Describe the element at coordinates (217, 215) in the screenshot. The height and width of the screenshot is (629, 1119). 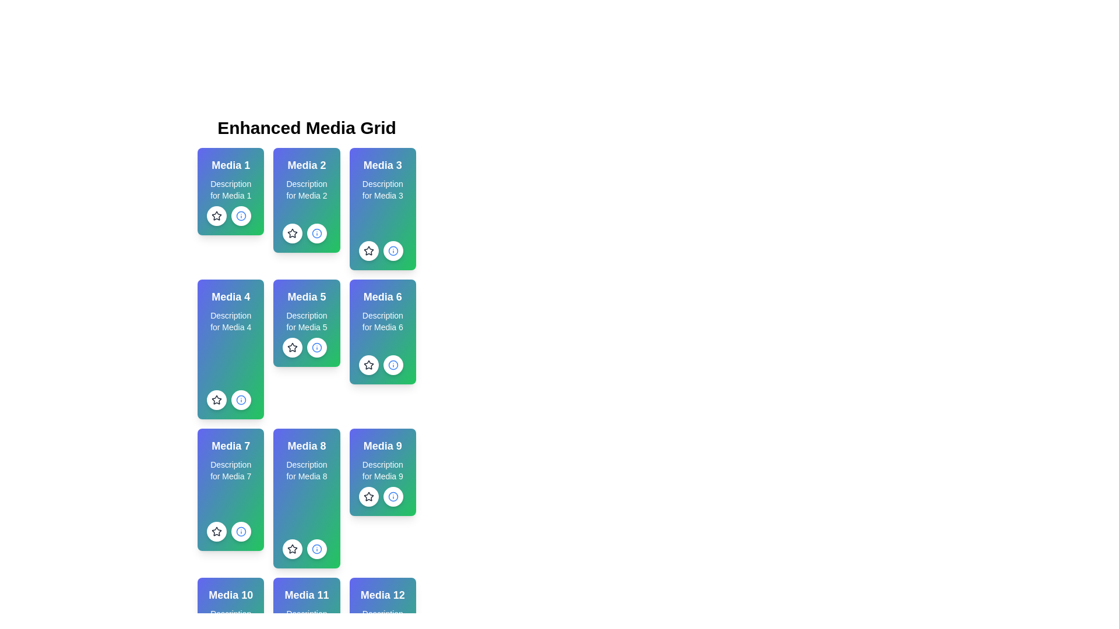
I see `the star-shaped icon button located at the bottom left corner of the card titled 'Media 1', which is within a rounded white circle` at that location.